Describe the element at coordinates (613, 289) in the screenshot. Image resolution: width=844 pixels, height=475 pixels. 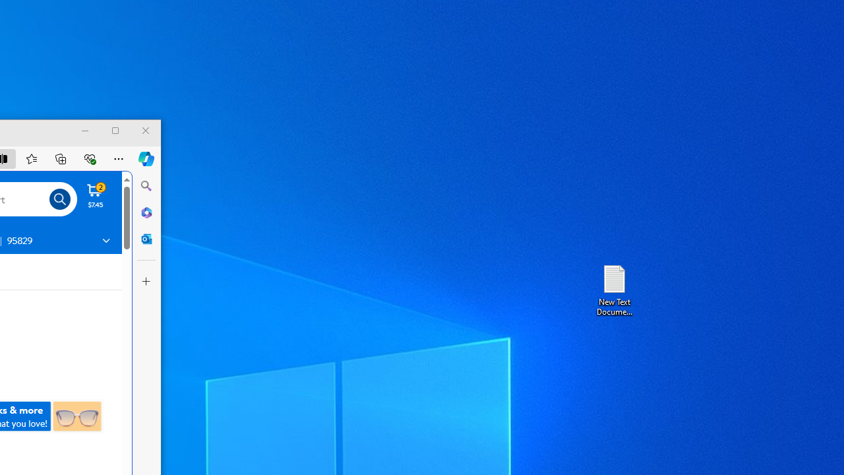
I see `'New Text Document (2)'` at that location.